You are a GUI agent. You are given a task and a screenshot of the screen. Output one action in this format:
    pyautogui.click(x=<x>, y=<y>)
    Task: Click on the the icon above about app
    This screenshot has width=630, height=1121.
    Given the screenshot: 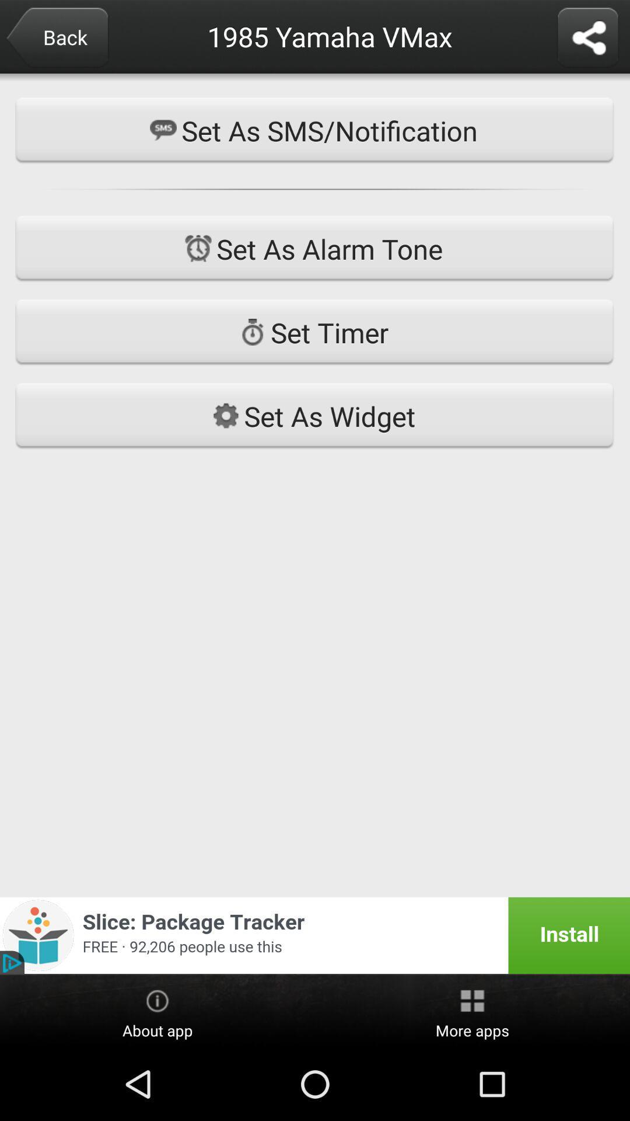 What is the action you would take?
    pyautogui.click(x=315, y=935)
    